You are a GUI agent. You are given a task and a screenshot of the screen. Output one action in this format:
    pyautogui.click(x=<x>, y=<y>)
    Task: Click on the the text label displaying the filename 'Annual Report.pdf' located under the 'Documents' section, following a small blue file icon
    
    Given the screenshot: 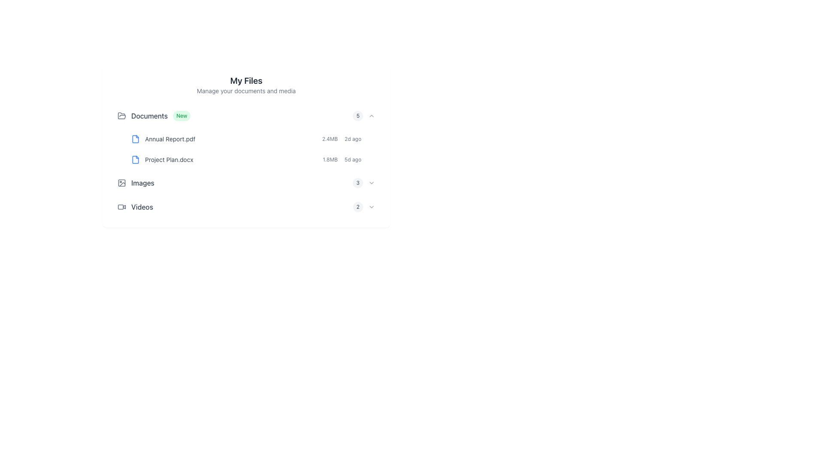 What is the action you would take?
    pyautogui.click(x=170, y=139)
    